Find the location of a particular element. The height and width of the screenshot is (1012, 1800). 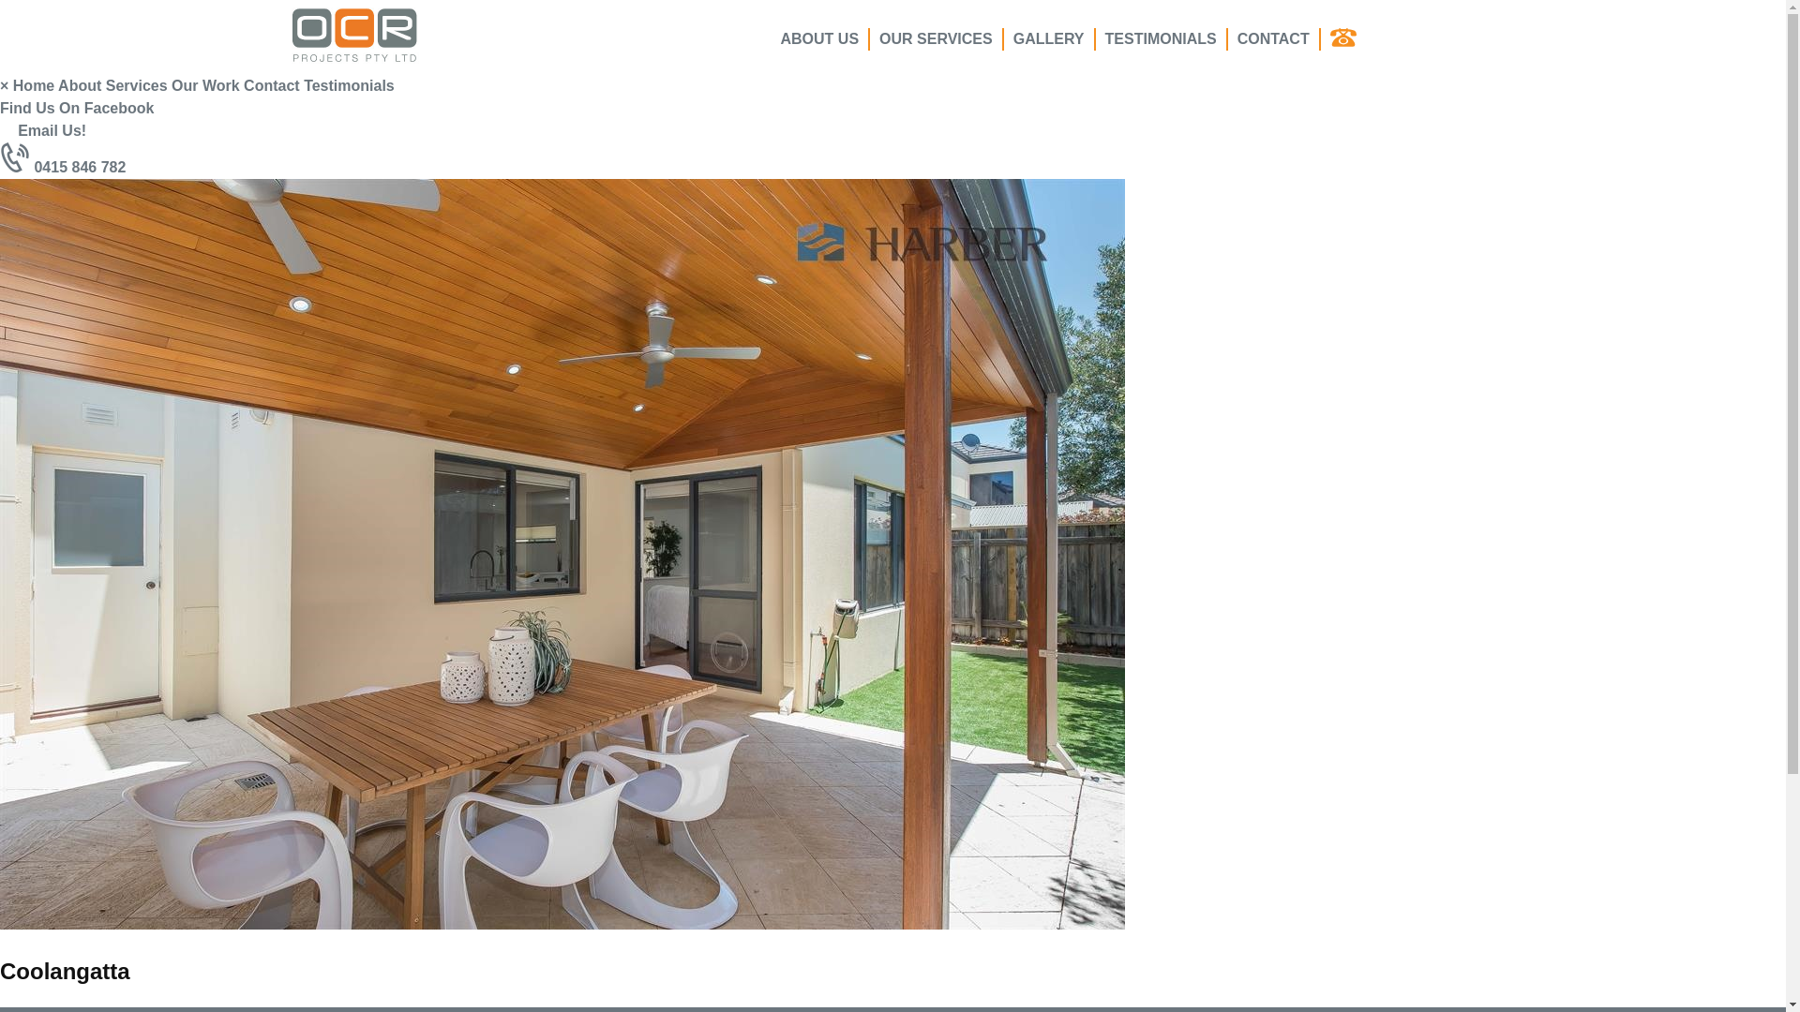

'Home' is located at coordinates (33, 85).